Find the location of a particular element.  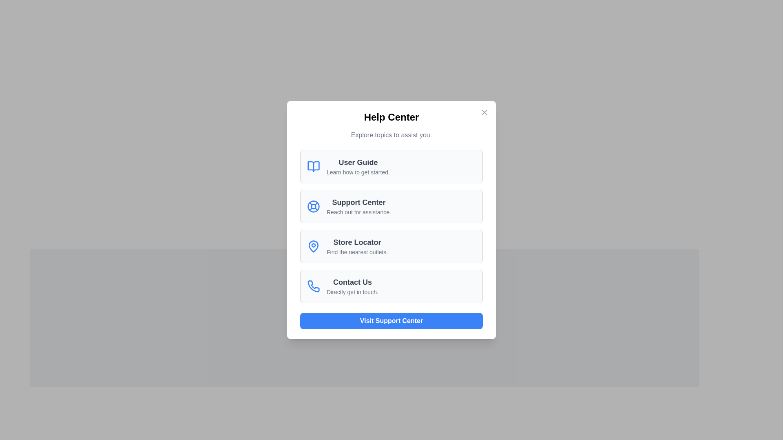

the 'User Guide' text label, which is prominently displayed in bold and larger font within the 'Help Center' modal is located at coordinates (358, 162).